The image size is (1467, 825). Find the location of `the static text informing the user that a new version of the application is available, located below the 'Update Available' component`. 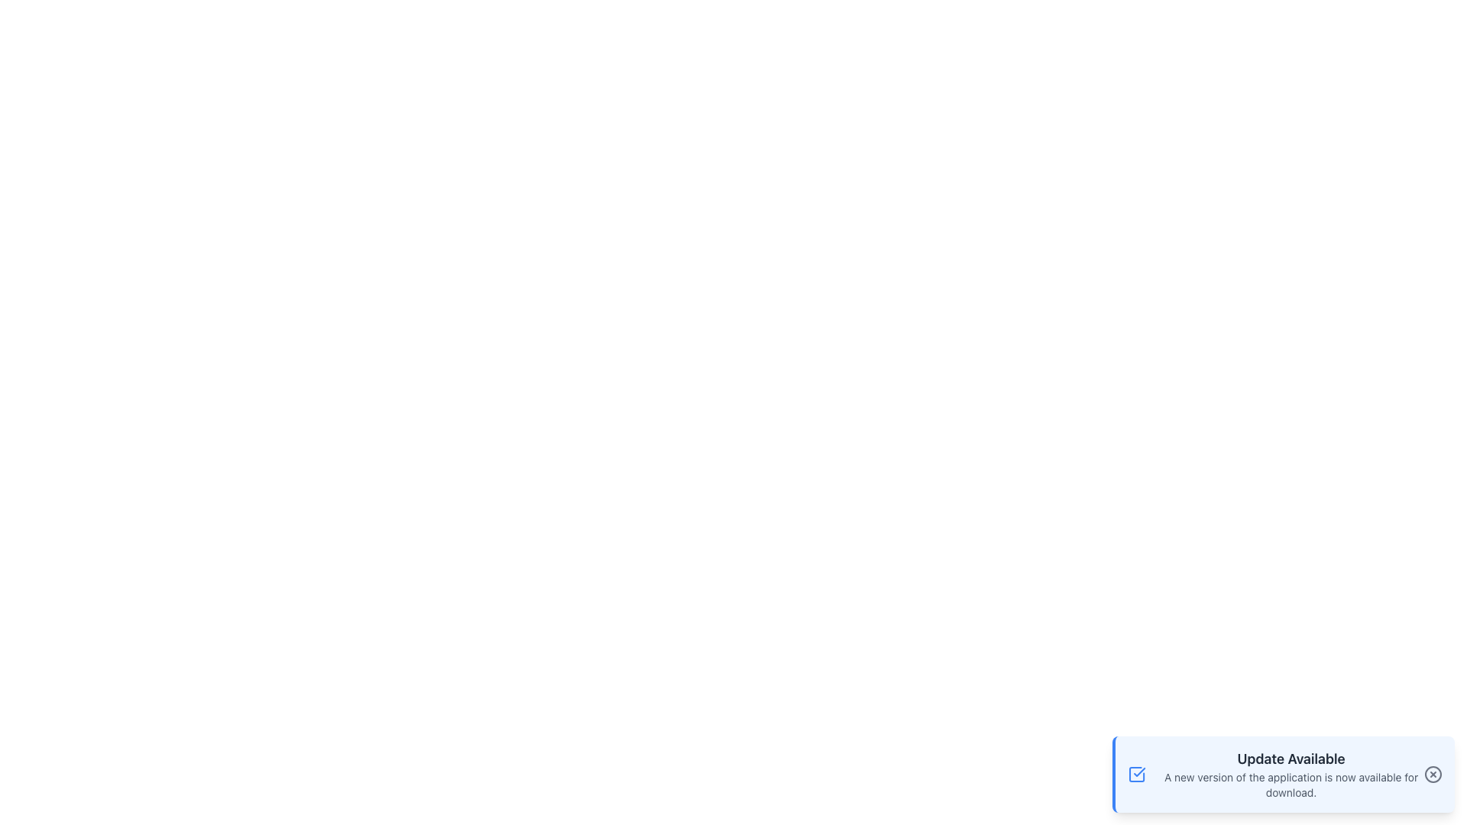

the static text informing the user that a new version of the application is available, located below the 'Update Available' component is located at coordinates (1291, 785).